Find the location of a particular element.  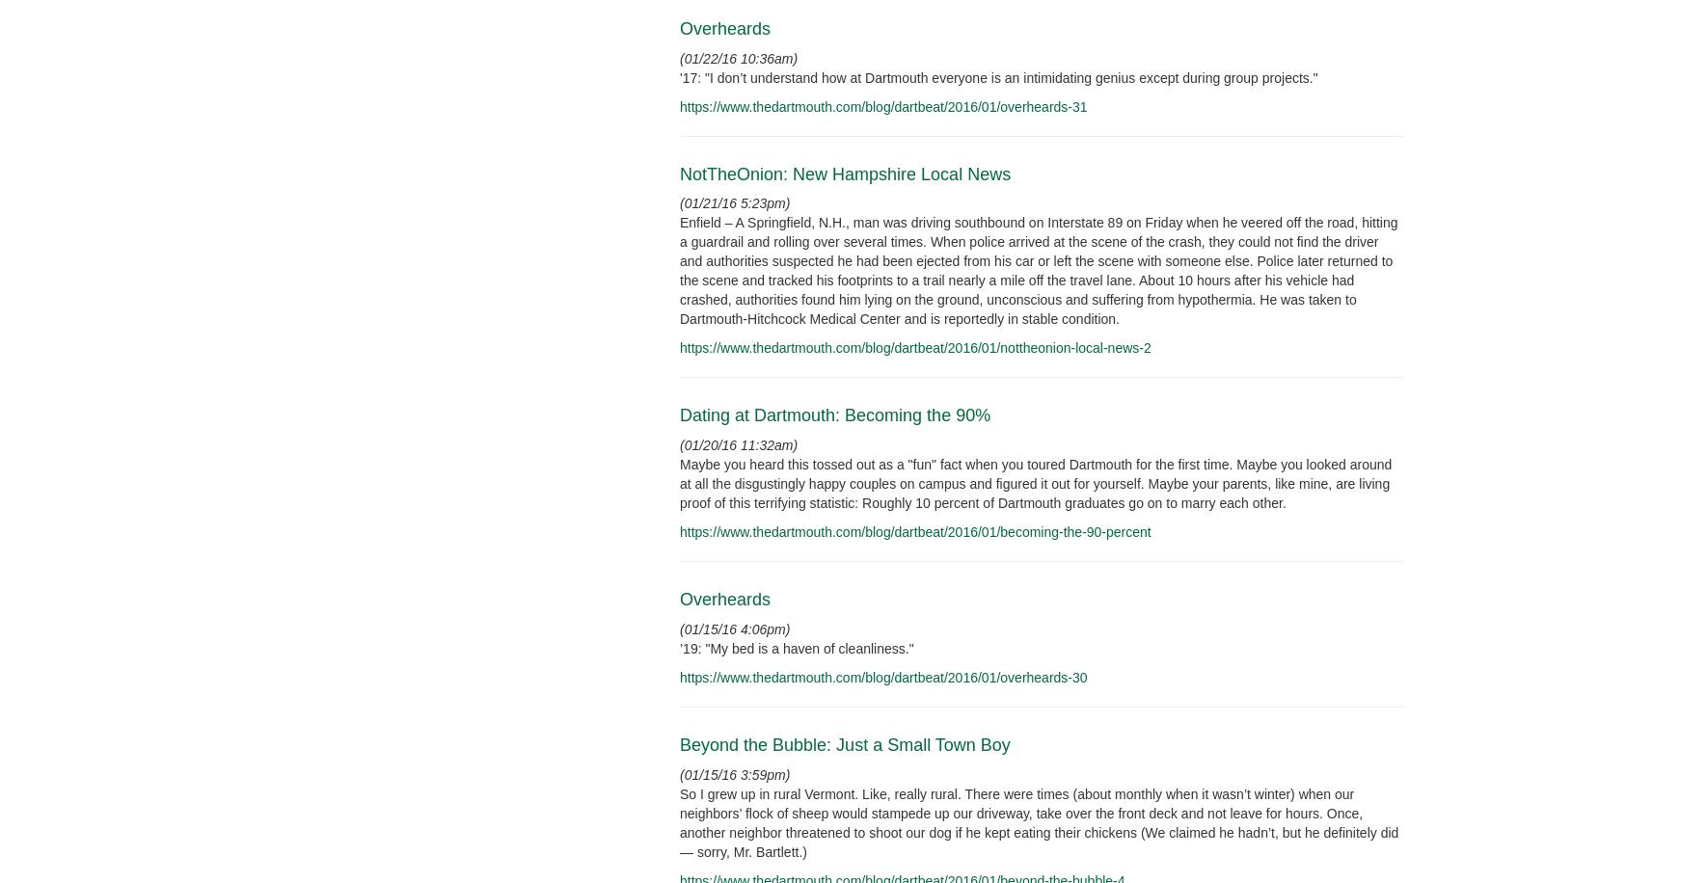

'https://www.thedartmouth.com/blog/dartbeat/2016/01/becoming-the-90-percent' is located at coordinates (914, 530).